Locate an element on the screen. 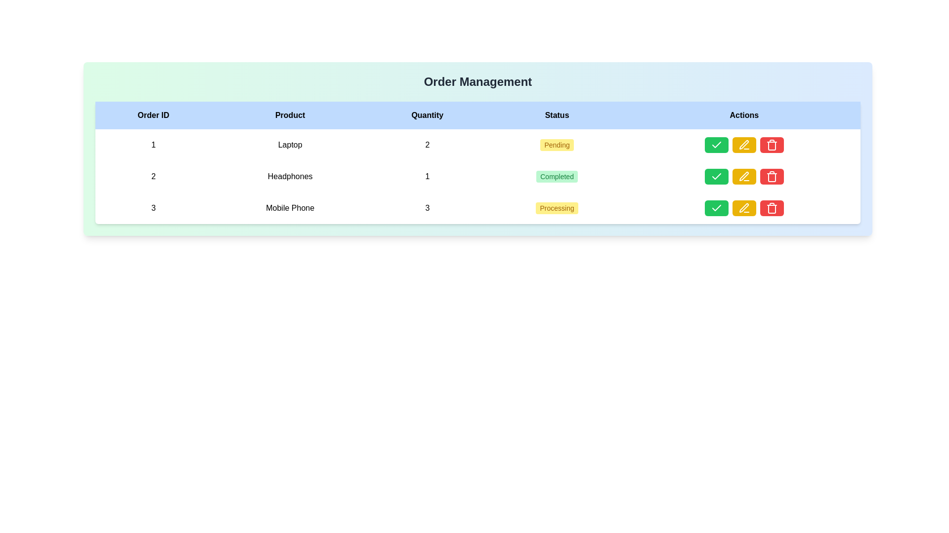  the edit button (pencil icon) in the Actions column of the second row for the product 'Headphones' is located at coordinates (744, 176).